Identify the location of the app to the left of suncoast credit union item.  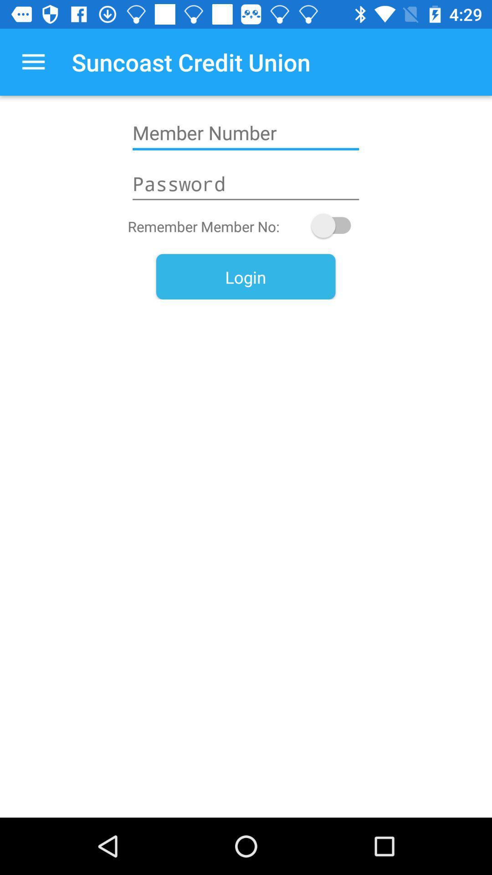
(33, 62).